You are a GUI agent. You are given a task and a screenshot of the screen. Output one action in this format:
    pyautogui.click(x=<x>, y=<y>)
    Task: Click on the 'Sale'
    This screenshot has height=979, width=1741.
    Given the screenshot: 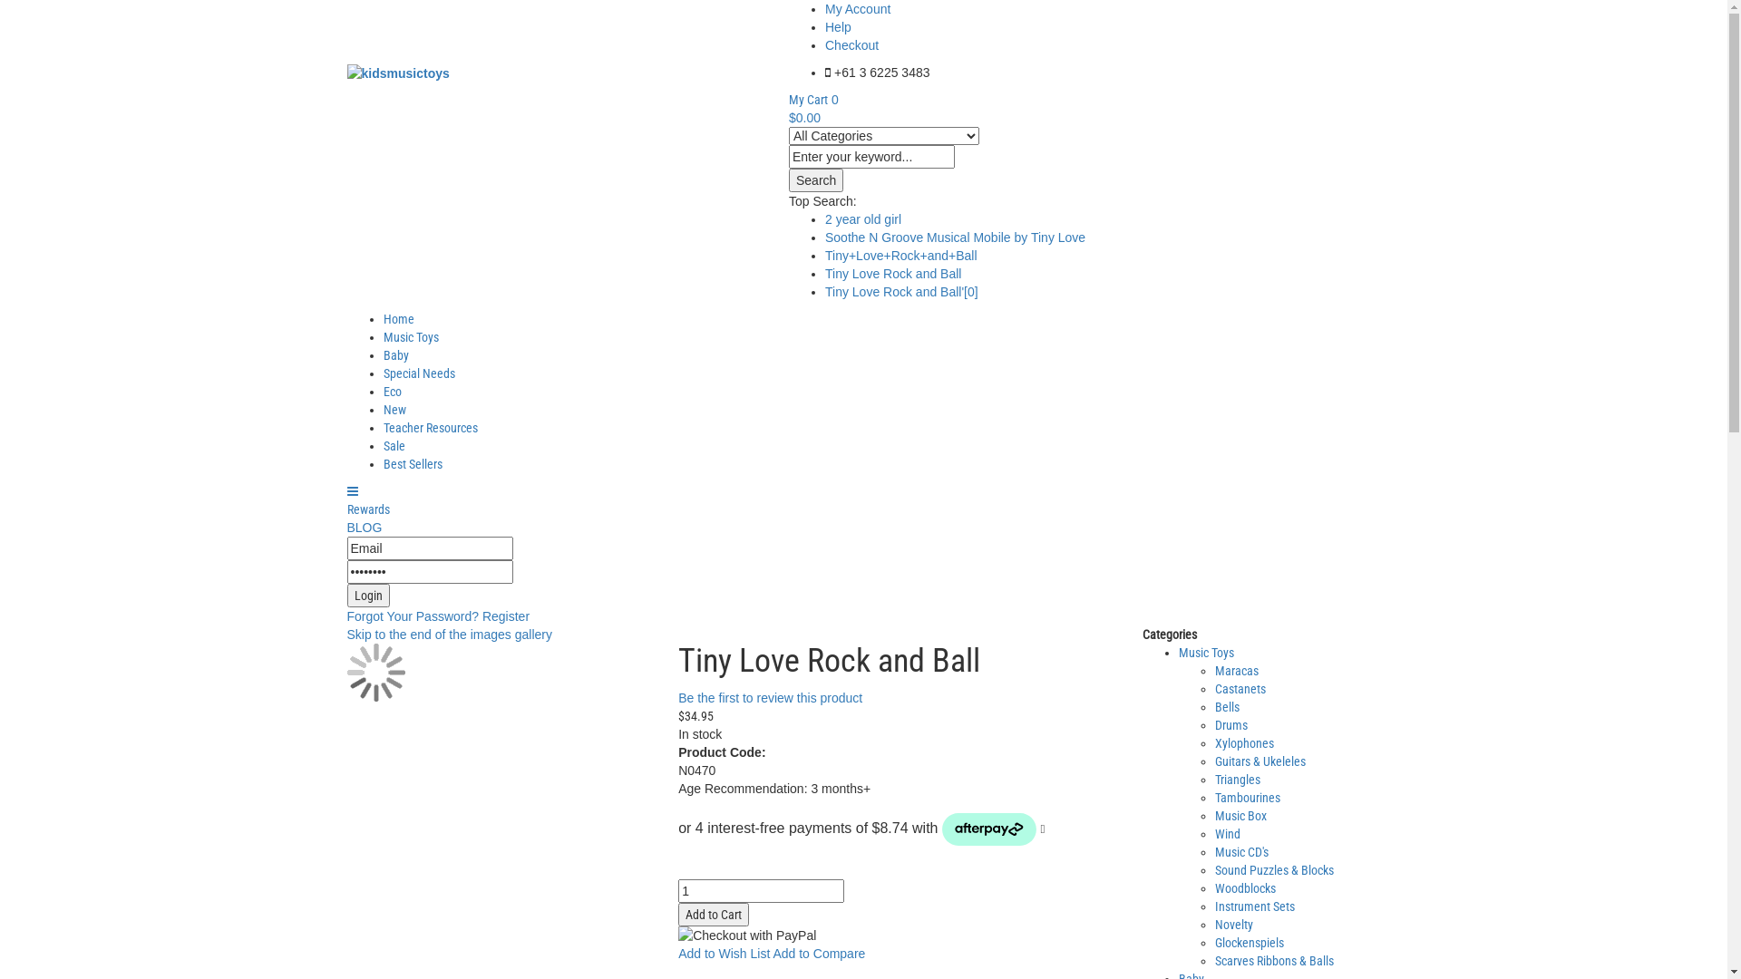 What is the action you would take?
    pyautogui.click(x=382, y=446)
    